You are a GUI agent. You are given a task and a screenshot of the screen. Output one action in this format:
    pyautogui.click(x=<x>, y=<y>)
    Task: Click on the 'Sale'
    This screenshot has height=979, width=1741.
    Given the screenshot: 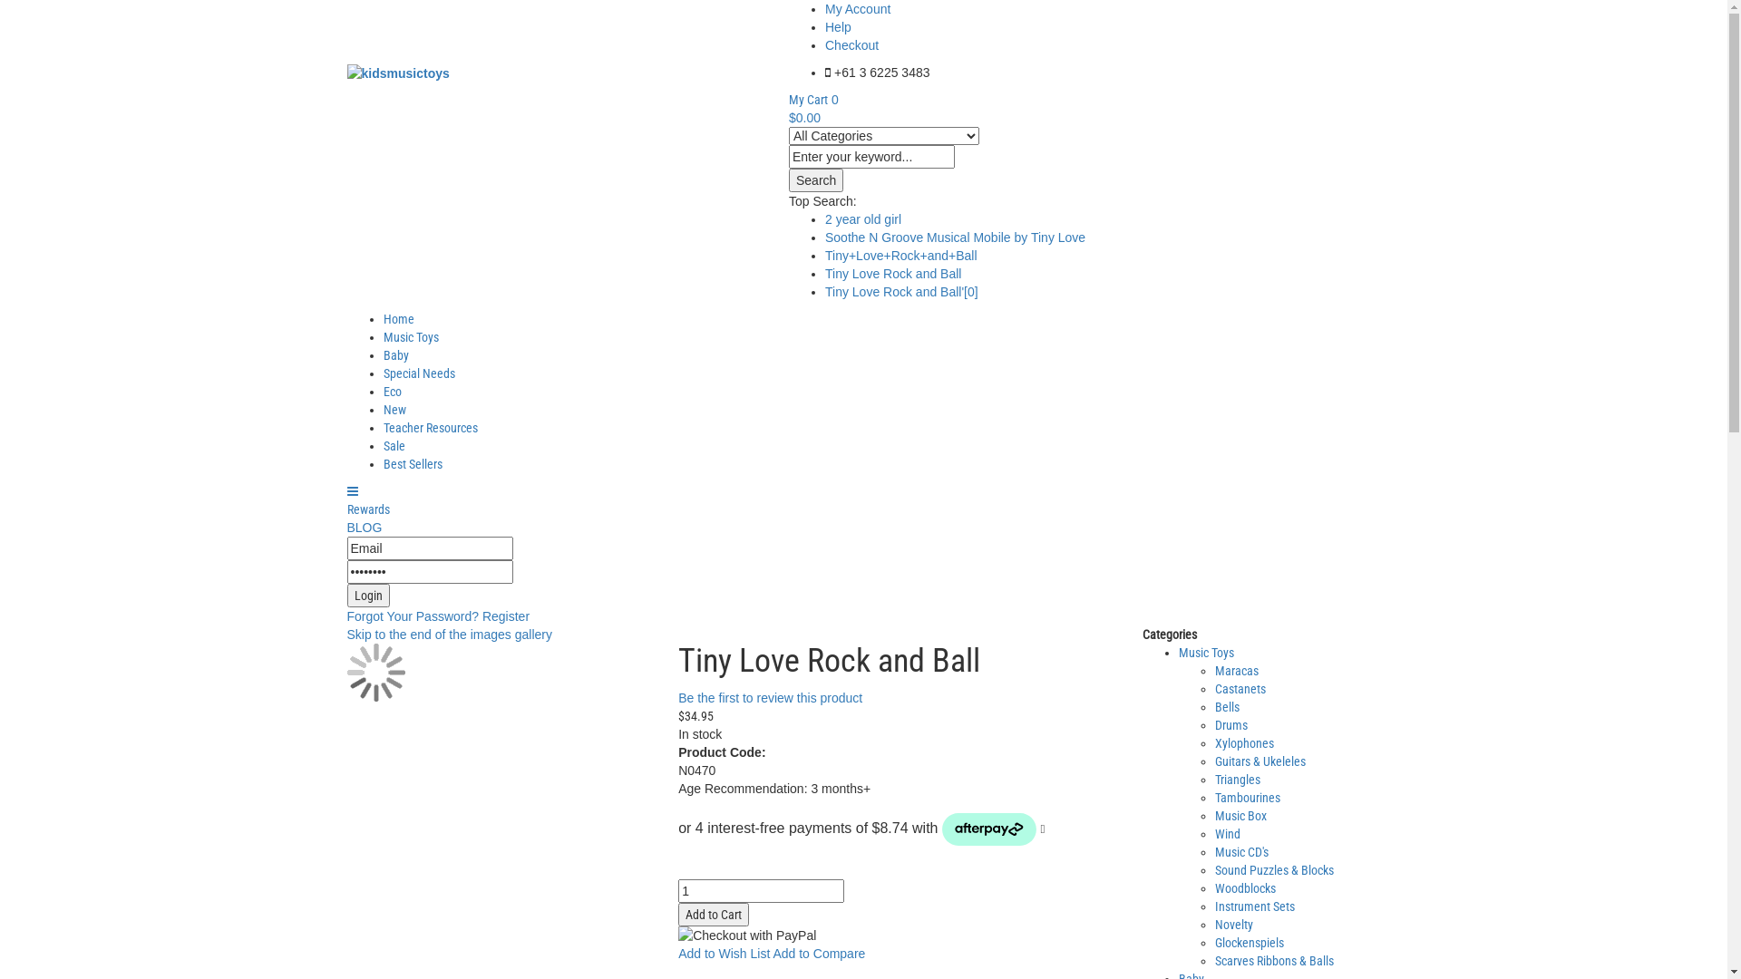 What is the action you would take?
    pyautogui.click(x=382, y=446)
    